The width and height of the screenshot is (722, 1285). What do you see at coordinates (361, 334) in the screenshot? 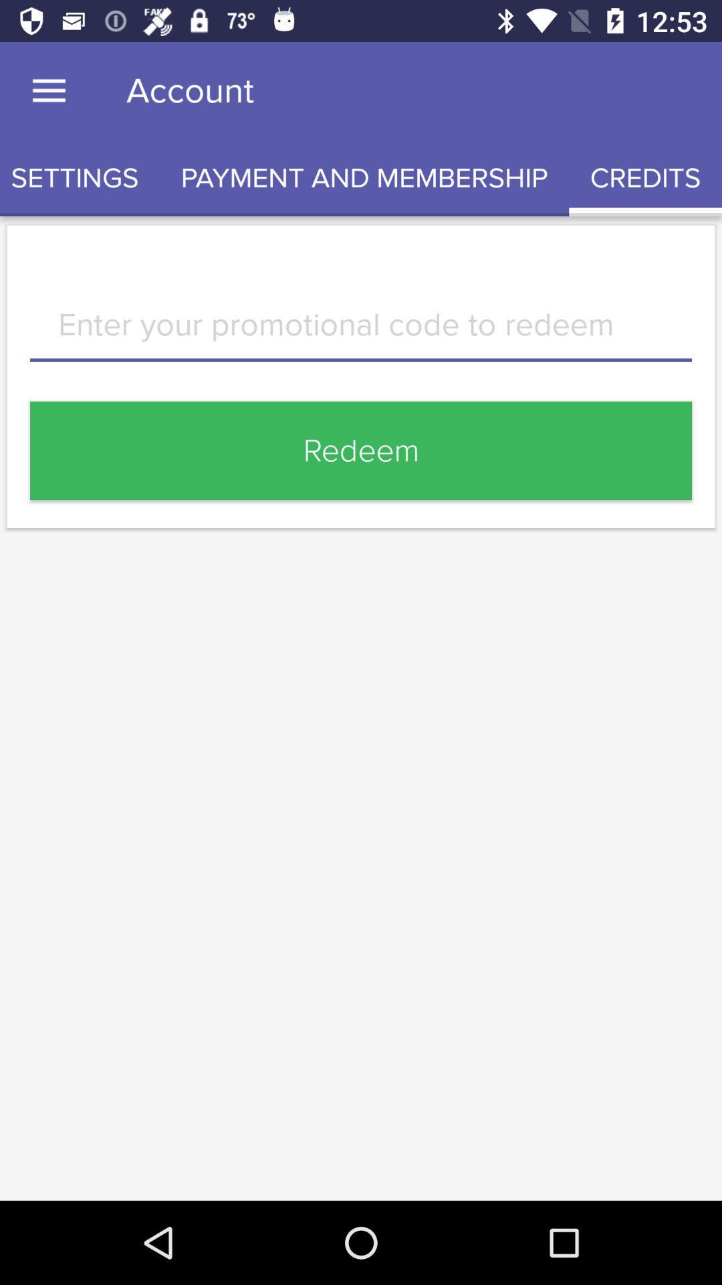
I see `promotional code` at bounding box center [361, 334].